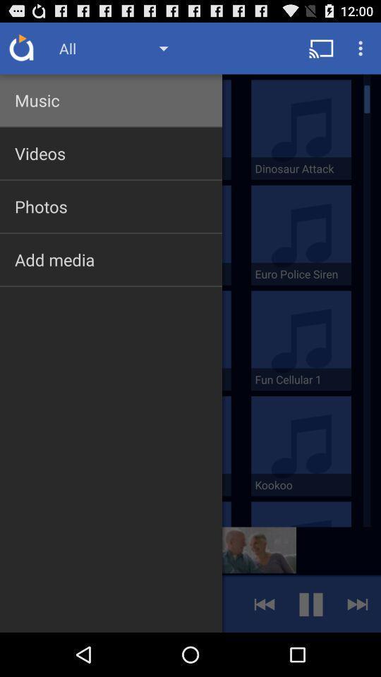  What do you see at coordinates (264, 647) in the screenshot?
I see `the av_rewind icon` at bounding box center [264, 647].